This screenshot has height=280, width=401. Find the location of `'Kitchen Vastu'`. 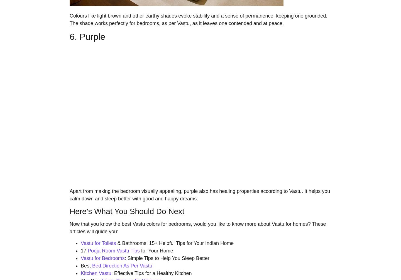

'Kitchen Vastu' is located at coordinates (80, 272).